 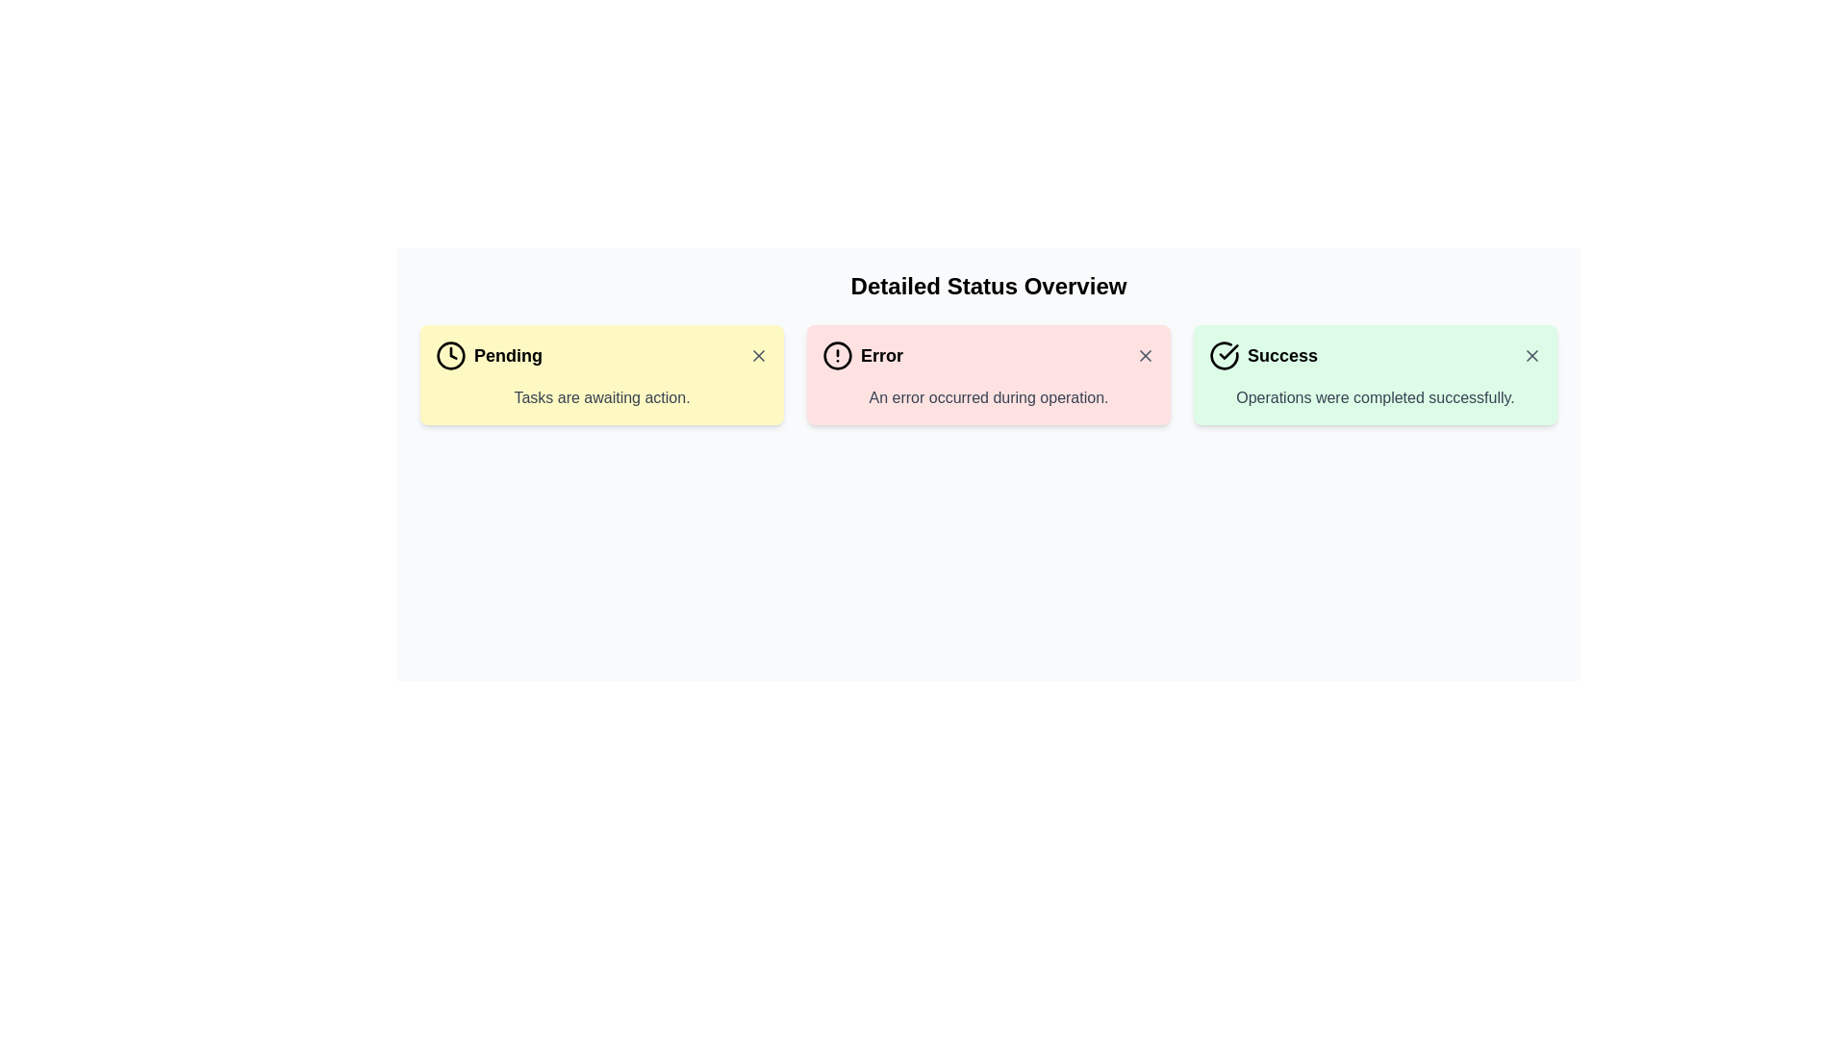 What do you see at coordinates (757, 356) in the screenshot?
I see `the close button located in the top-right corner of the 'Pending' card` at bounding box center [757, 356].